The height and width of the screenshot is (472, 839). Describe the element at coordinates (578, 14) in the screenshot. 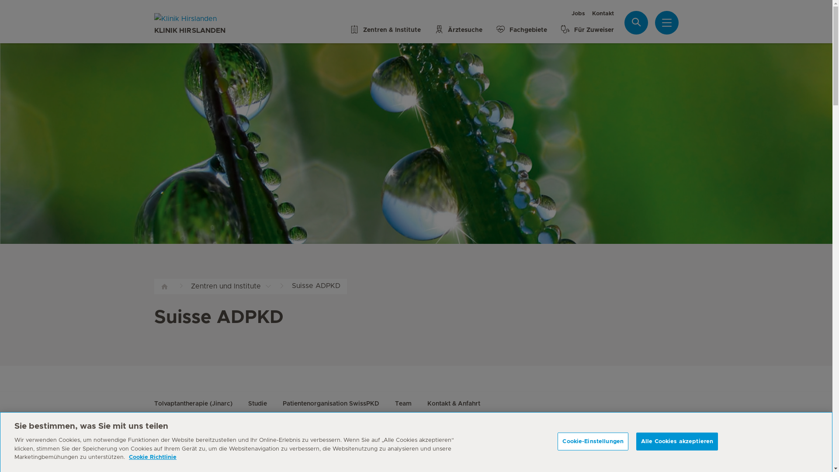

I see `'Jobs'` at that location.